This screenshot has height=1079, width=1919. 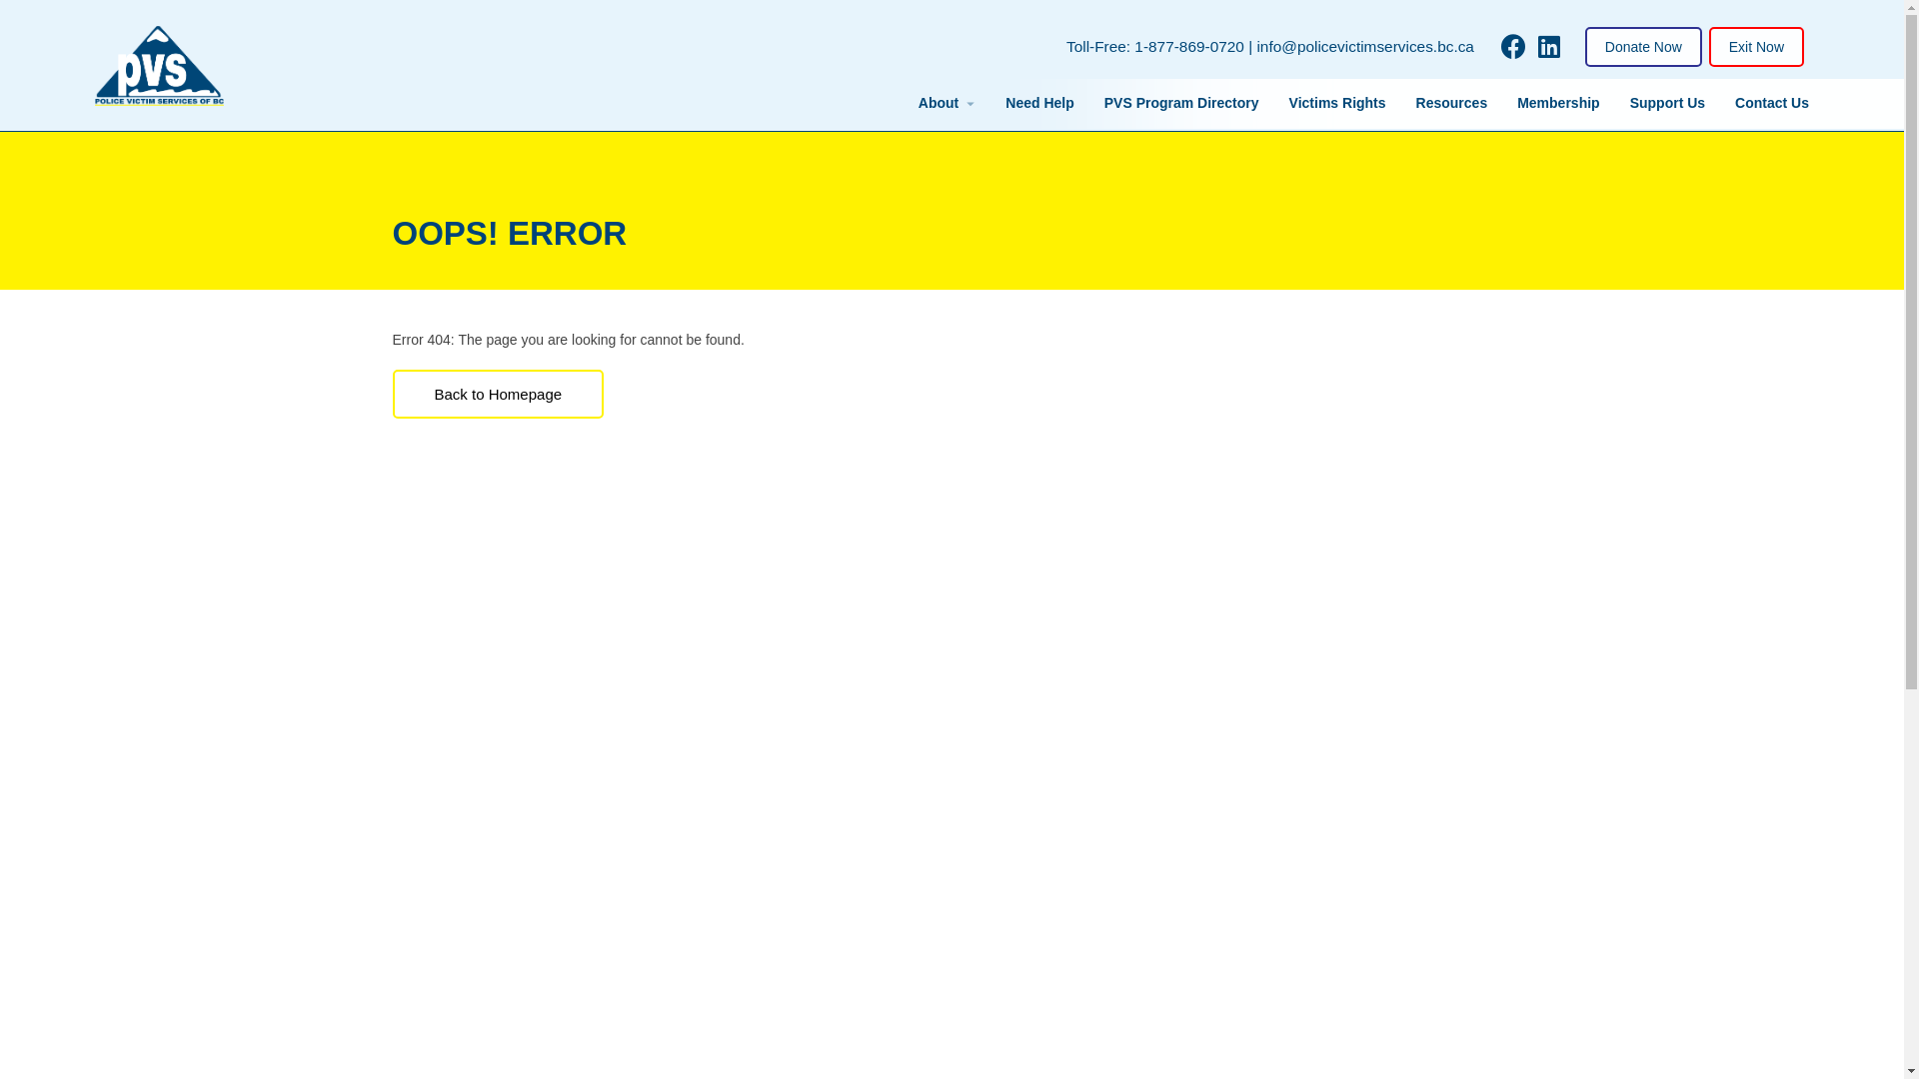 I want to click on 'PVS Program Directory', so click(x=1181, y=103).